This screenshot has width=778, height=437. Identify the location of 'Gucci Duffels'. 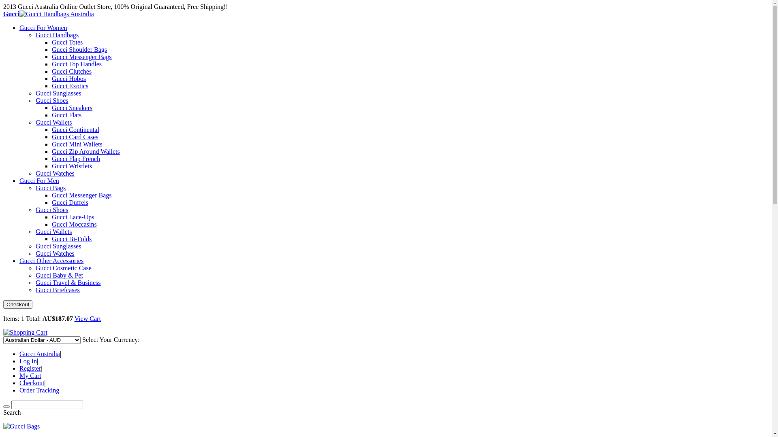
(70, 202).